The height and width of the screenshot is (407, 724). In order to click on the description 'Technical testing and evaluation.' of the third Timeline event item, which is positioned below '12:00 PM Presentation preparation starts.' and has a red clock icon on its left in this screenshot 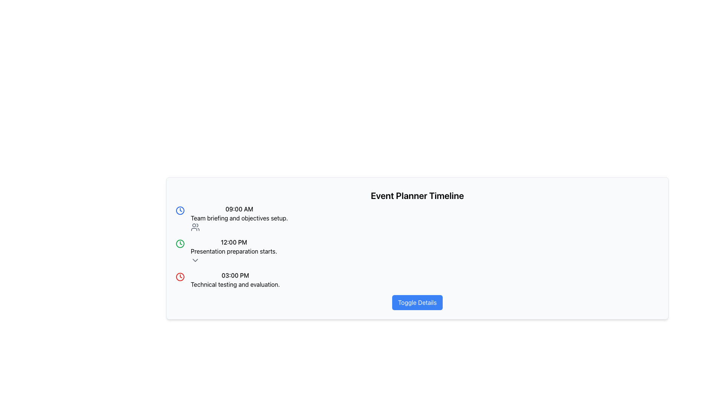, I will do `click(235, 280)`.